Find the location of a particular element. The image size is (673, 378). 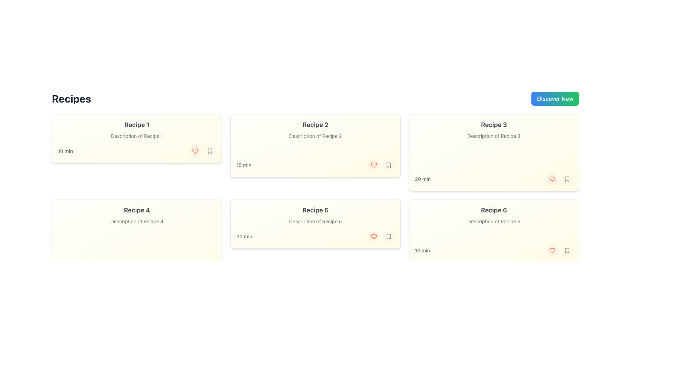

the like or favorite button for Recipe 2, which is located to the right of the '15 min' label is located at coordinates (373, 165).